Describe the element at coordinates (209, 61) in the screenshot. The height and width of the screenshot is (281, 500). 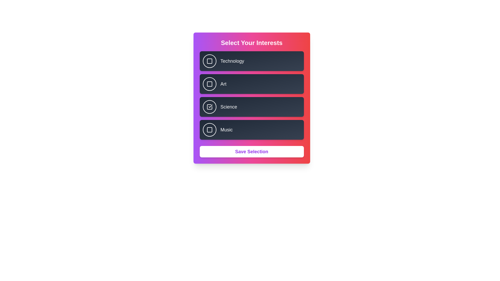
I see `the interest Technology` at that location.